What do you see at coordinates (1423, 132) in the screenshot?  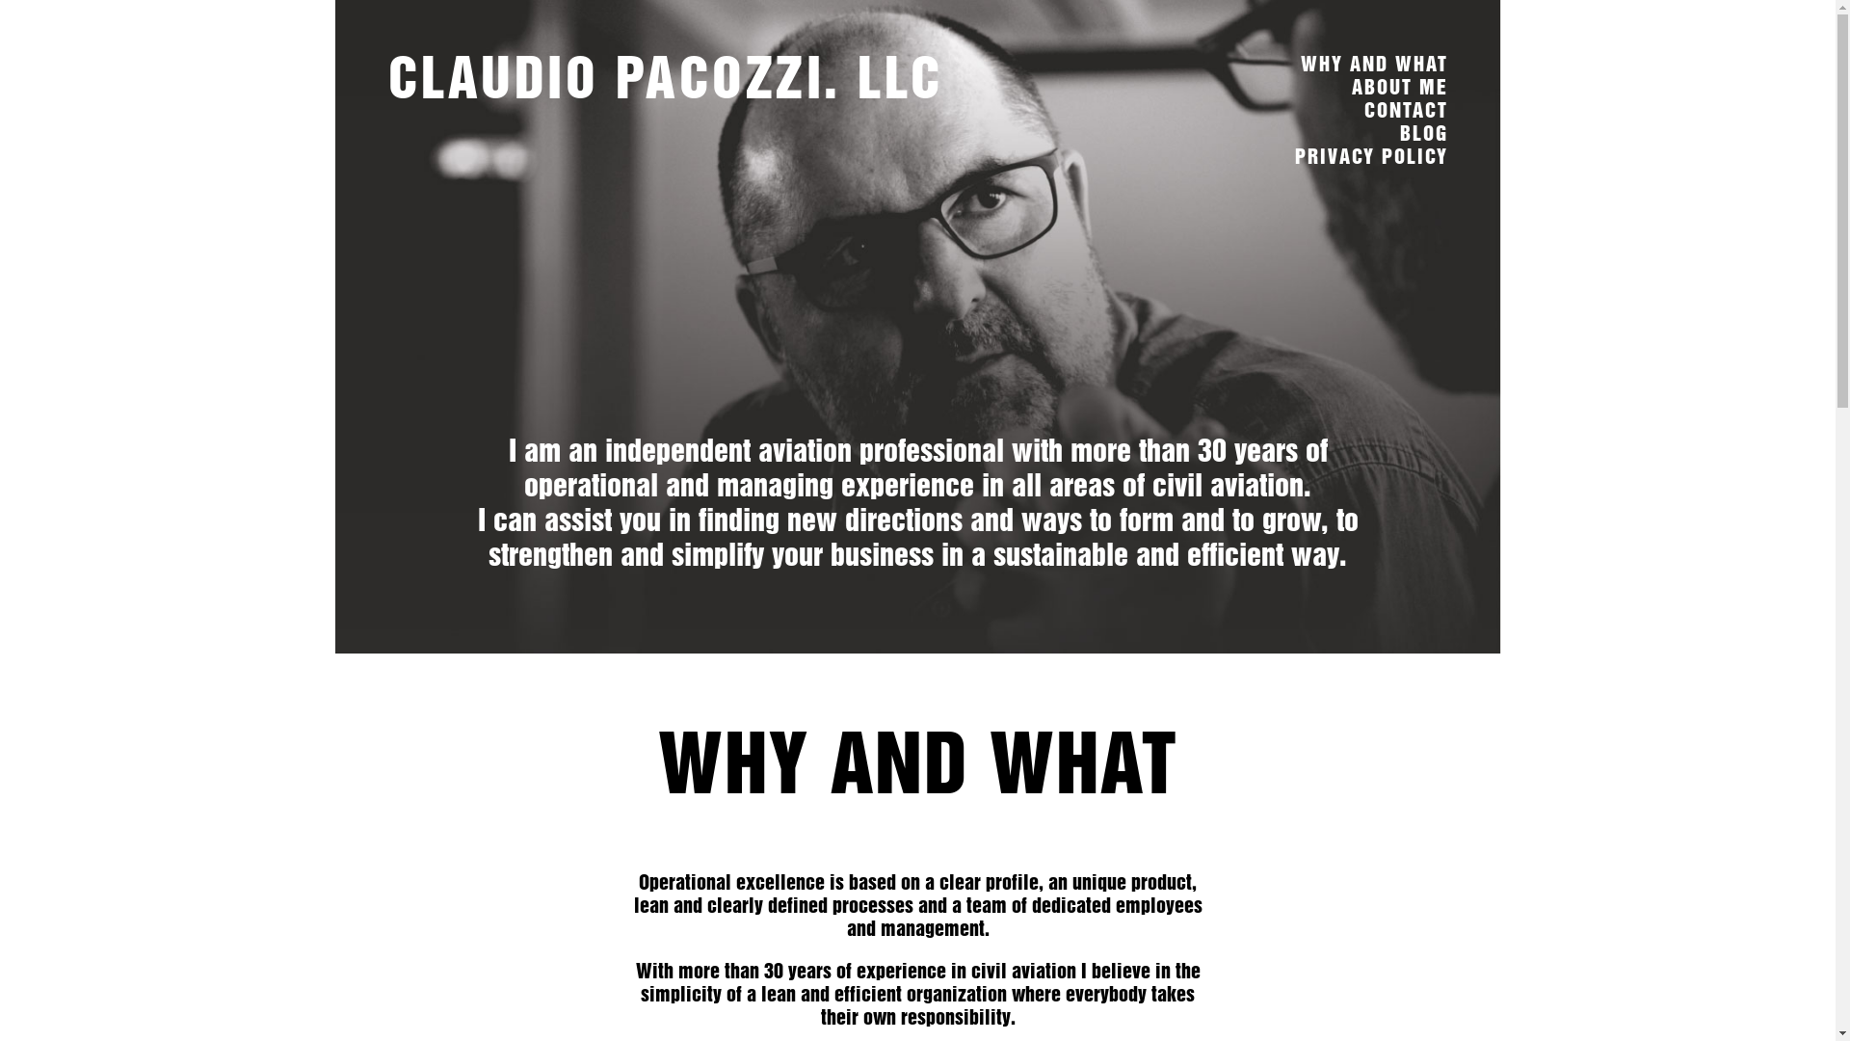 I see `'BLOG'` at bounding box center [1423, 132].